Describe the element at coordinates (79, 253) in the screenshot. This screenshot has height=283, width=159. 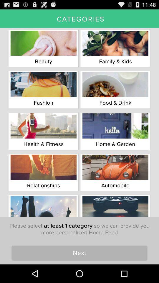
I see `next icon` at that location.